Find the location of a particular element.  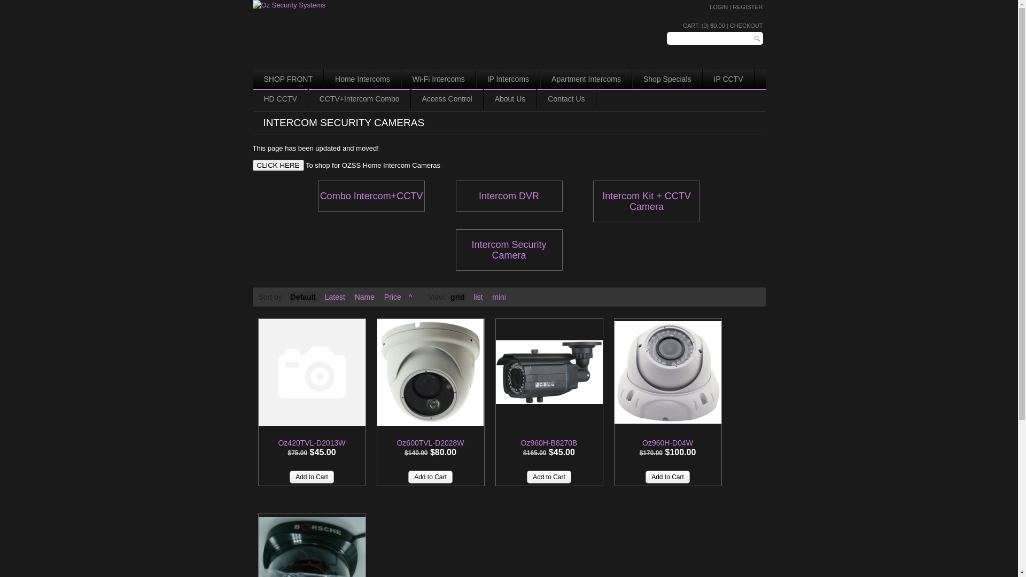

'Wi-Fi Intercoms' is located at coordinates (438, 79).